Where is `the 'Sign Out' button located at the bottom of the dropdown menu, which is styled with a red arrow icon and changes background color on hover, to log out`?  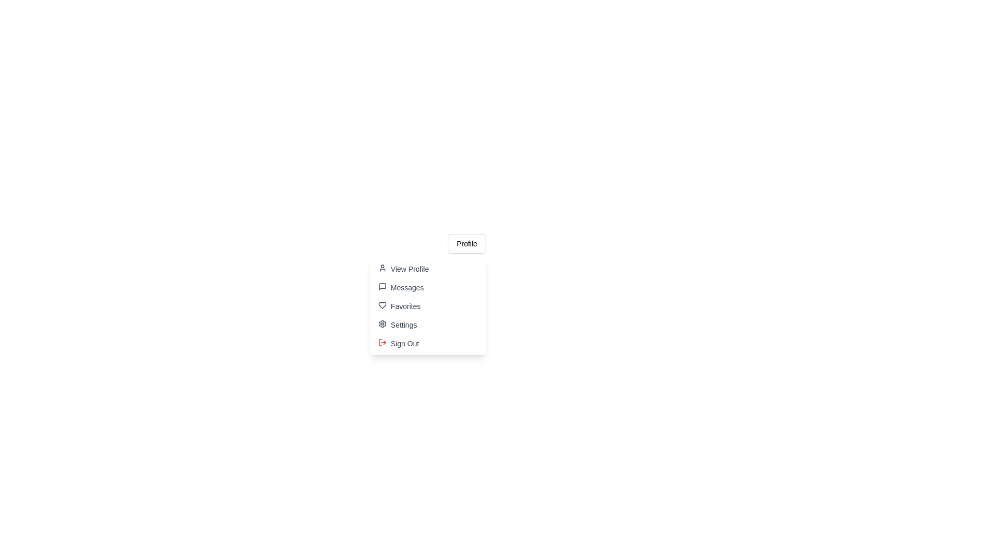 the 'Sign Out' button located at the bottom of the dropdown menu, which is styled with a red arrow icon and changes background color on hover, to log out is located at coordinates (428, 343).